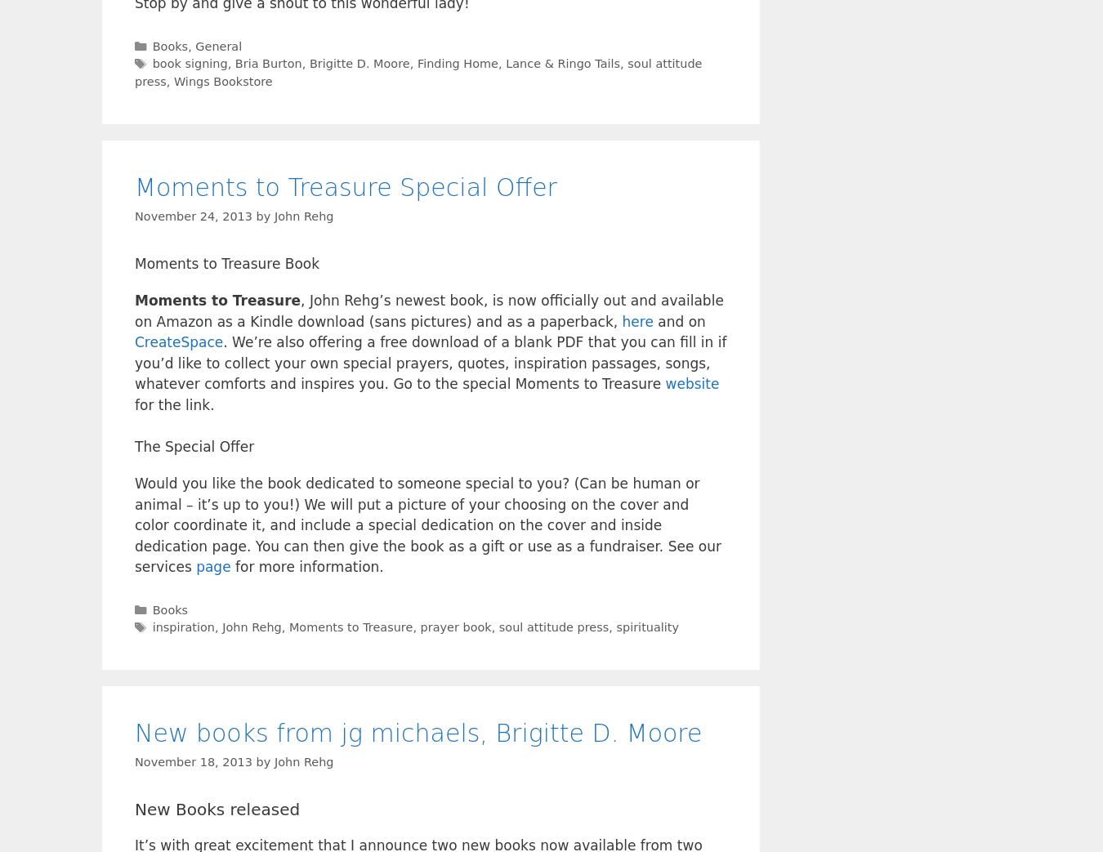  I want to click on '. We’re also offering a free download of a blank PDF that you can fill in if you’d like to collect your own special prayers, quotes, inspiration passages, songs, whatever comforts and inspires you. Go to the special Moments to Treasure', so click(430, 363).